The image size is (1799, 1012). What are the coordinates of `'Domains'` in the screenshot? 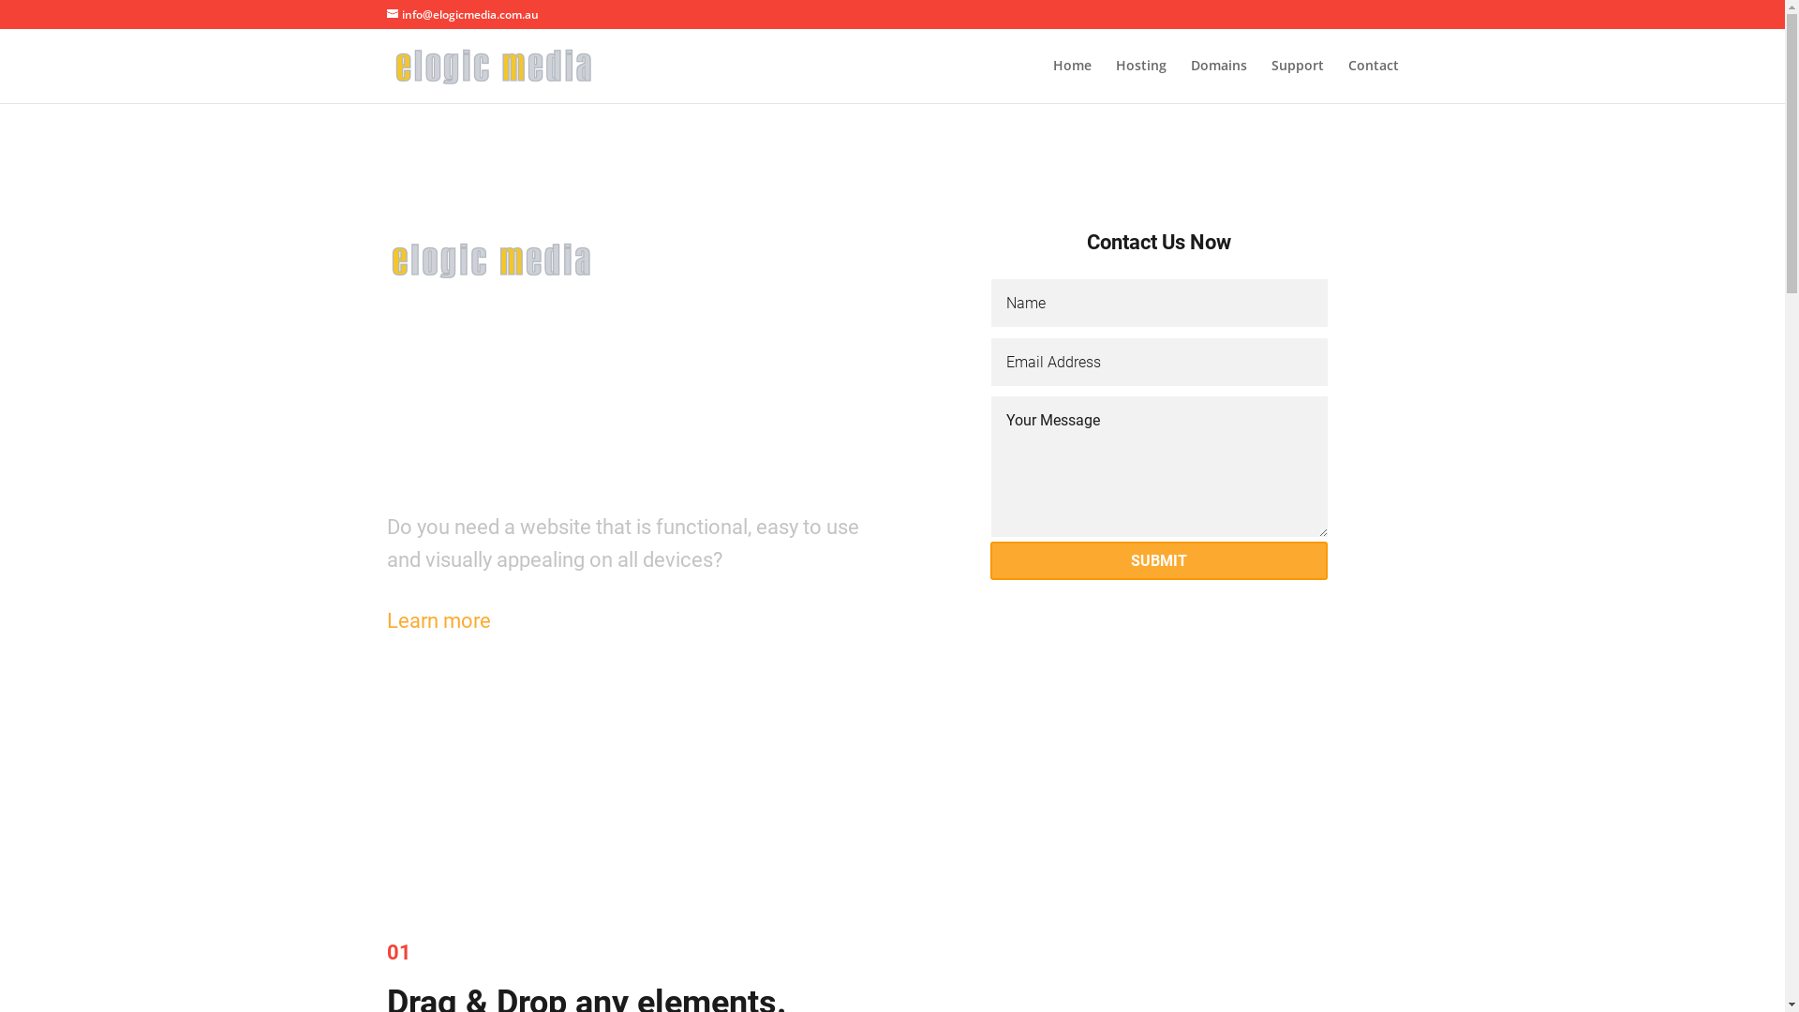 It's located at (1218, 80).